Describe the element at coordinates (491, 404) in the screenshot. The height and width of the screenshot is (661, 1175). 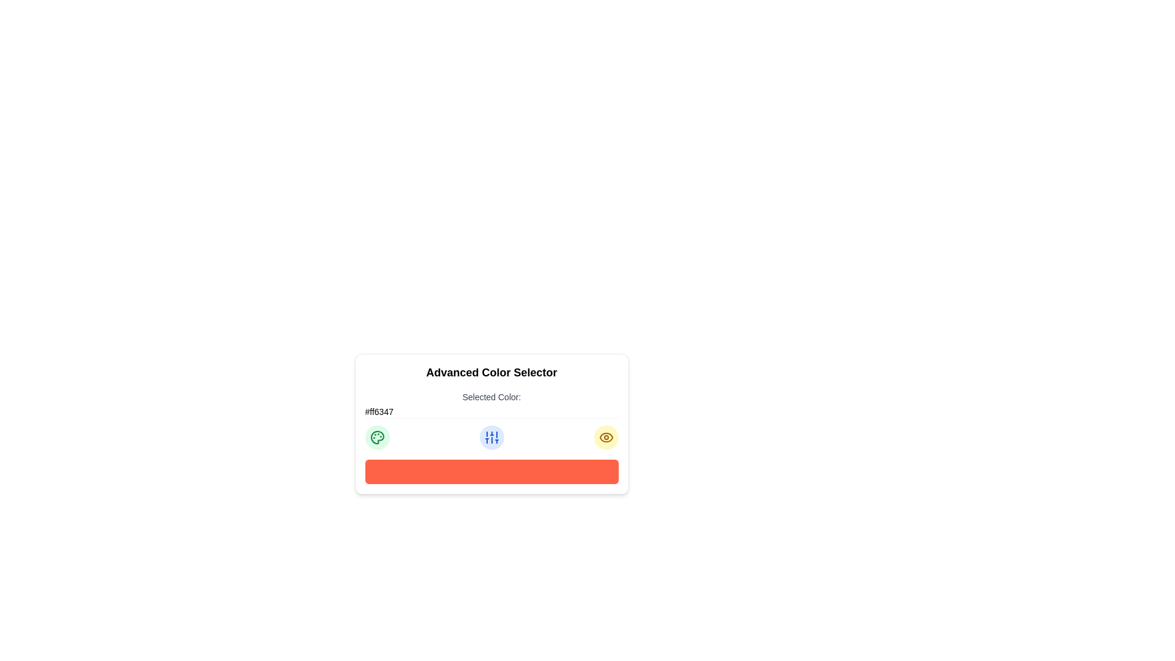
I see `the descriptive label indicating the purpose of the color input field located under the 'Advanced Color Selector' title and above the input field displaying the value '#ff6347'` at that location.